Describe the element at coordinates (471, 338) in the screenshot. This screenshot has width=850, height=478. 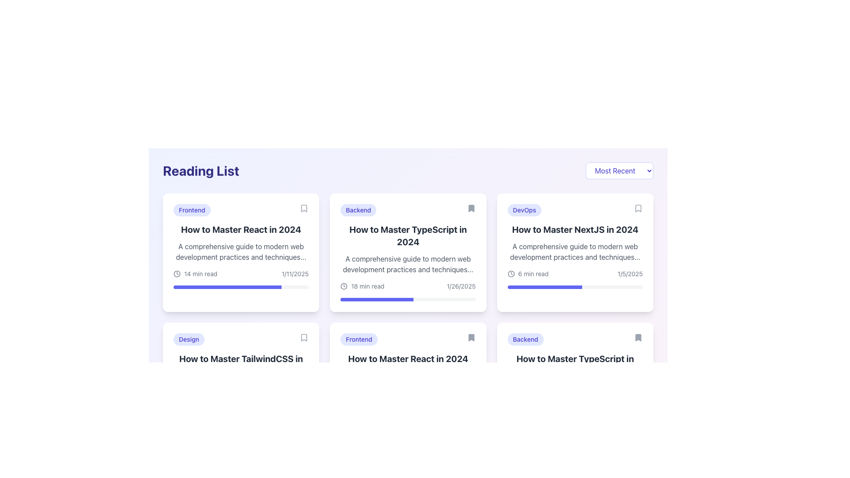
I see `the bookmark button located` at that location.